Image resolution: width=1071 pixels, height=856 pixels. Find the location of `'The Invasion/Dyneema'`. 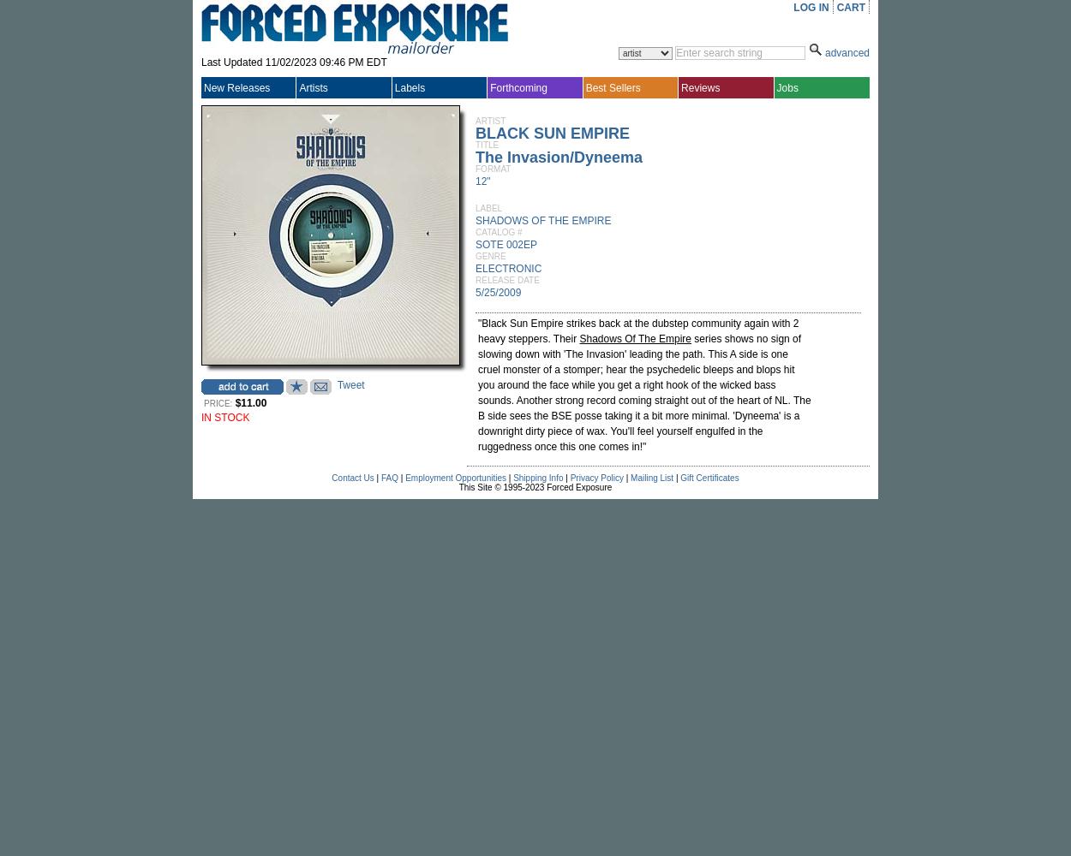

'The Invasion/Dyneema' is located at coordinates (559, 158).